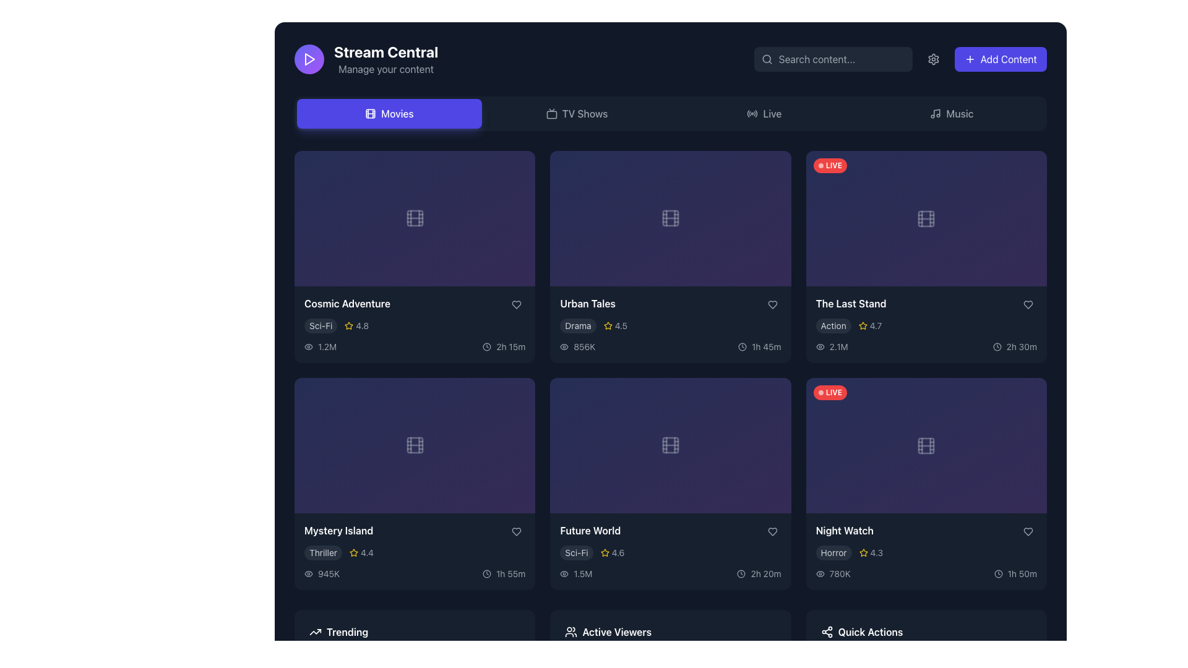 The height and width of the screenshot is (668, 1188). I want to click on the text label displaying the numeric value '4.4' in light gray on a dark blue background, located inside the 'Mystery Island' movie card to the right of the yellow star icon, so click(366, 552).